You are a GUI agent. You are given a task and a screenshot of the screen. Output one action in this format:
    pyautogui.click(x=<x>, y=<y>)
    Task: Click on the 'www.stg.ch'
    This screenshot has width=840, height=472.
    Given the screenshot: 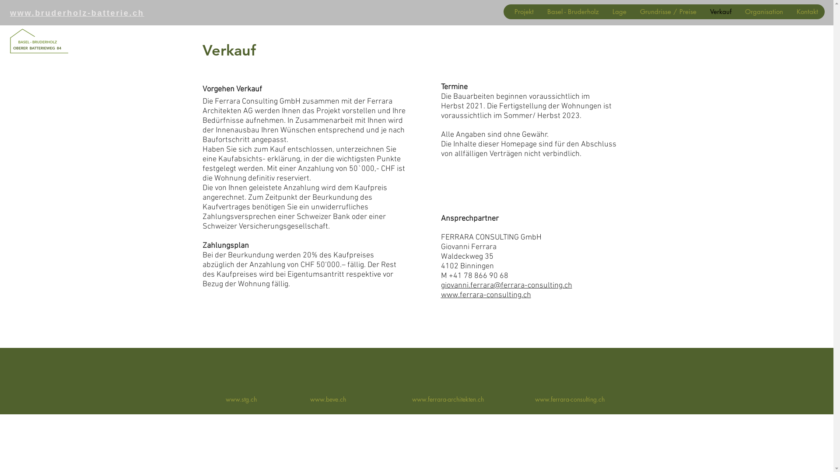 What is the action you would take?
    pyautogui.click(x=241, y=399)
    